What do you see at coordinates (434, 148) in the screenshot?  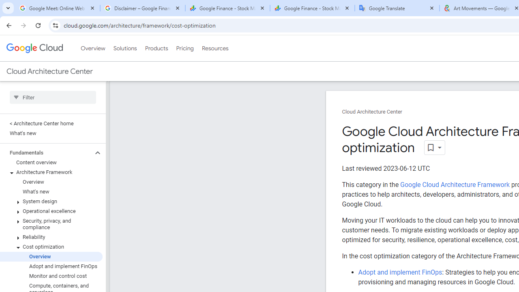 I see `'Open dropdown'` at bounding box center [434, 148].